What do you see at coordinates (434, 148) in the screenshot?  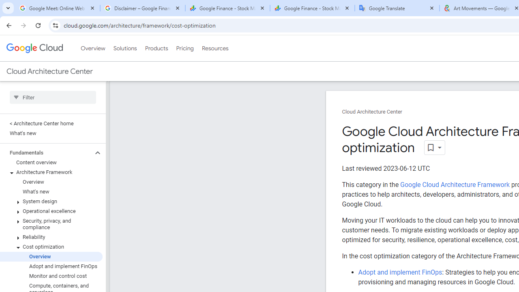 I see `'Open dropdown'` at bounding box center [434, 148].